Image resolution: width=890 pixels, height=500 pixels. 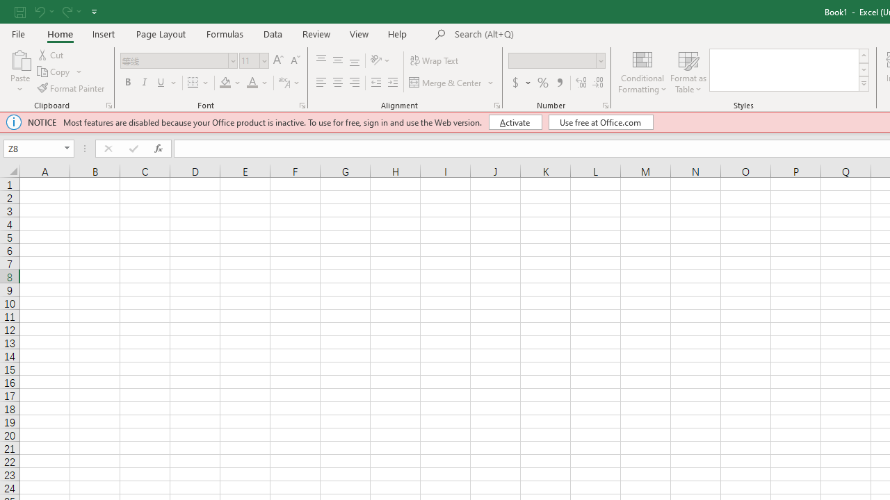 What do you see at coordinates (551, 60) in the screenshot?
I see `'Number Format'` at bounding box center [551, 60].